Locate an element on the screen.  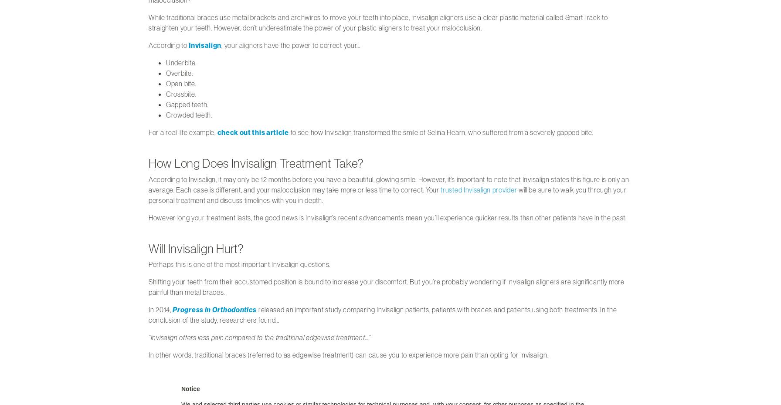
'How Long Does Invisalign Treatment Take?' is located at coordinates (149, 162).